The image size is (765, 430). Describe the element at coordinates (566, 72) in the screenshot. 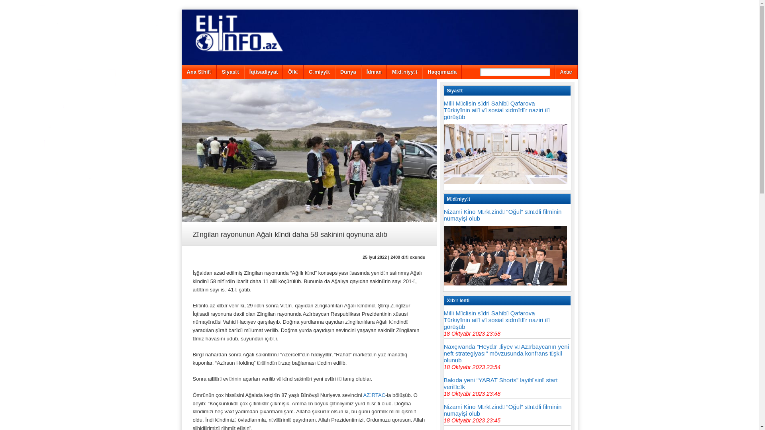

I see `'Axtar'` at that location.